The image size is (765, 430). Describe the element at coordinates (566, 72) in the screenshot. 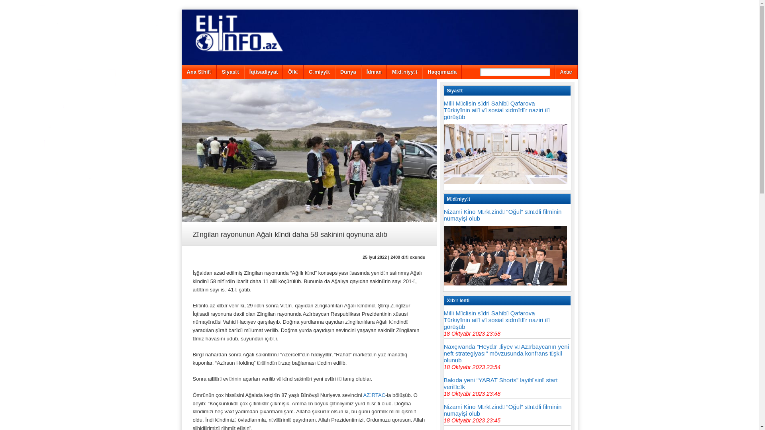

I see `'Axtar'` at that location.